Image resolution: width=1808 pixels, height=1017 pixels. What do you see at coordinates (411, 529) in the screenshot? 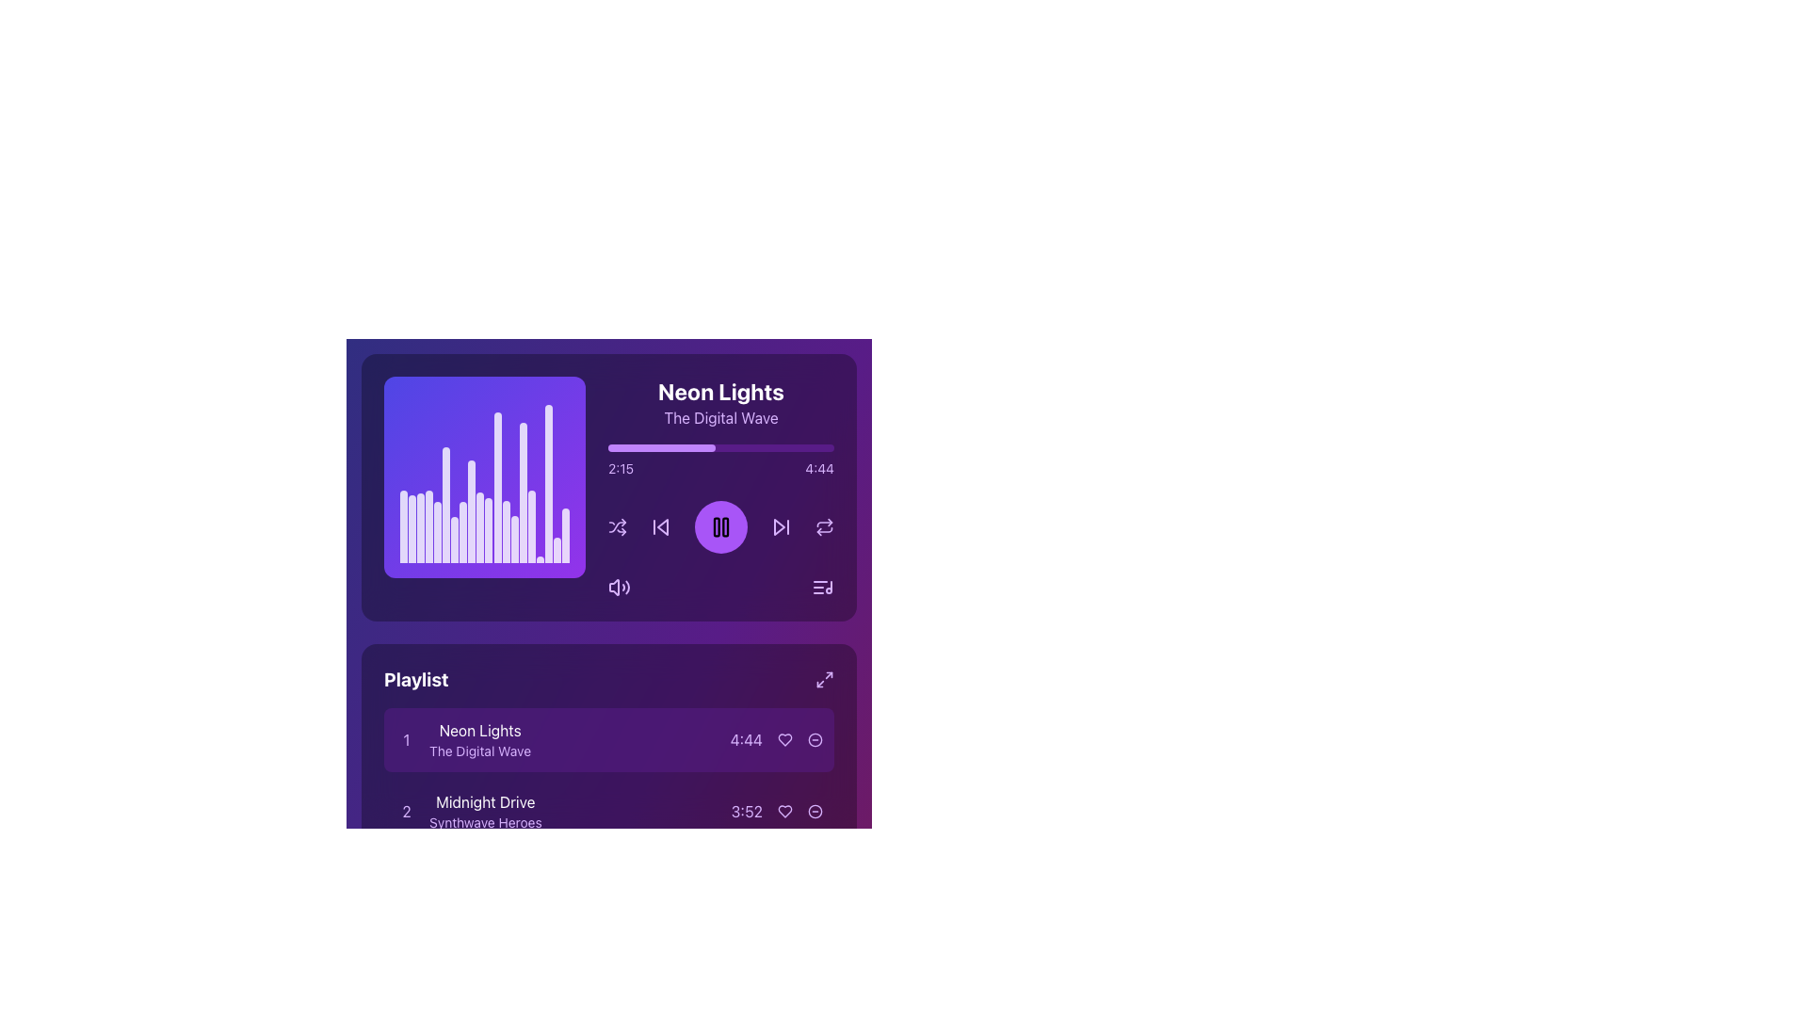
I see `the second vertical Visualizer bar, which is a narrow rectangular bar with a white color and rounded top edge, located in the top-left section of the interface` at bounding box center [411, 529].